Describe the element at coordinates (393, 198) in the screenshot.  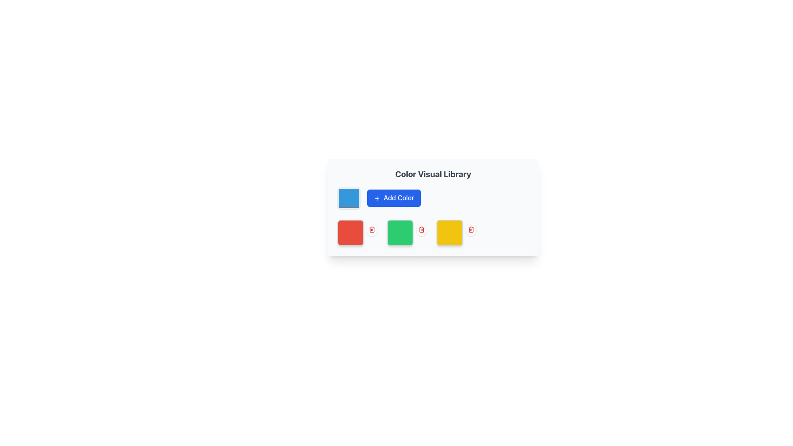
I see `the button located on the right side of the color picker square` at that location.